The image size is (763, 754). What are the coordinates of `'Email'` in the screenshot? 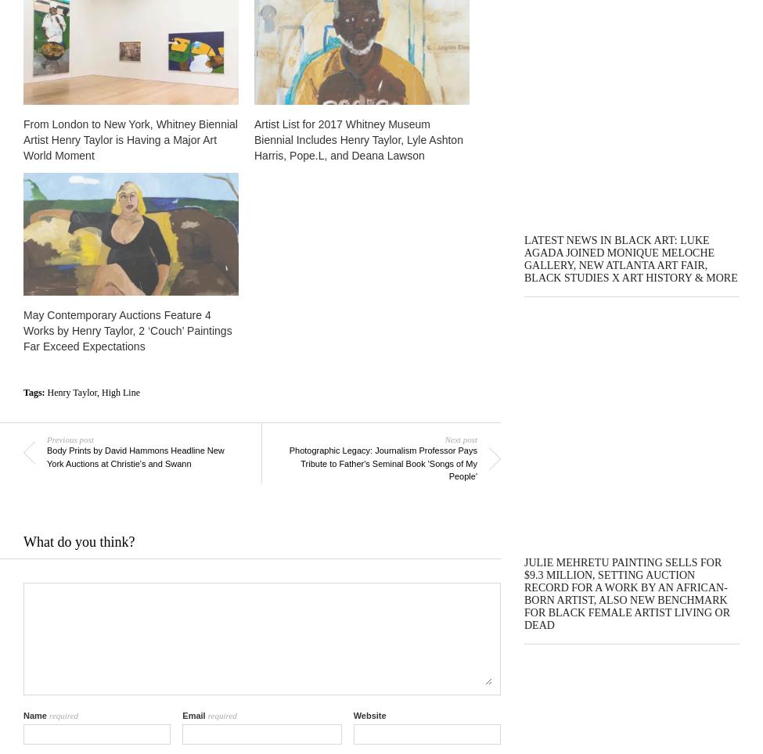 It's located at (195, 713).